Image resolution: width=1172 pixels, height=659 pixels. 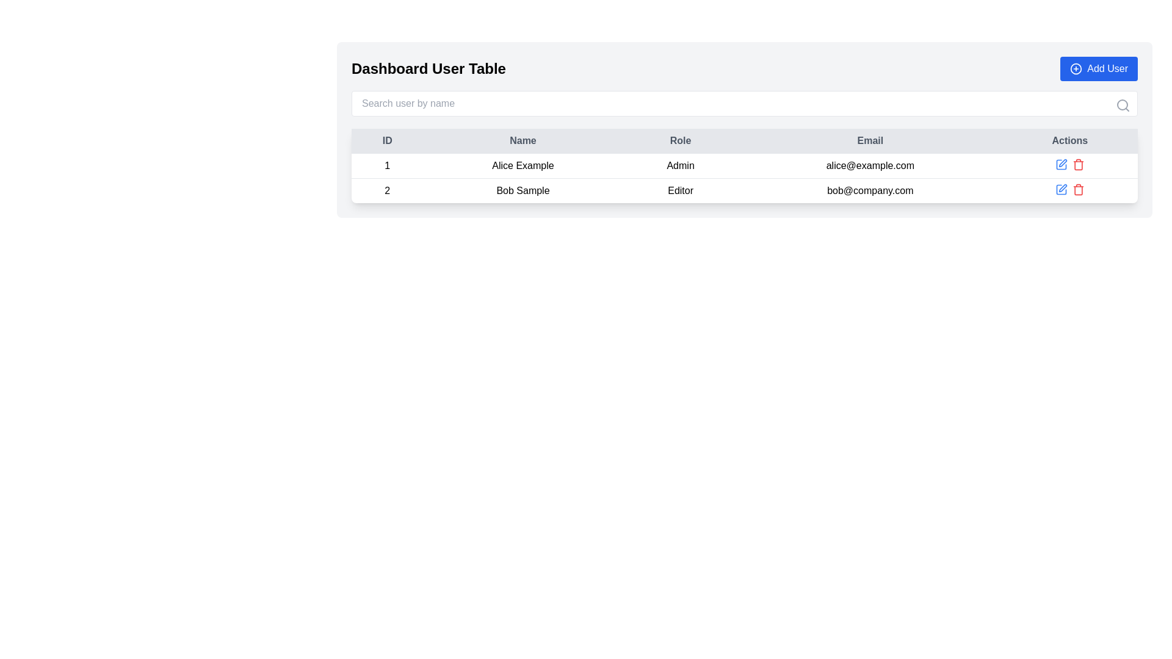 What do you see at coordinates (386, 166) in the screenshot?
I see `the Table Cell element containing the text '1', which is located in the first row under the 'ID' header of the table` at bounding box center [386, 166].